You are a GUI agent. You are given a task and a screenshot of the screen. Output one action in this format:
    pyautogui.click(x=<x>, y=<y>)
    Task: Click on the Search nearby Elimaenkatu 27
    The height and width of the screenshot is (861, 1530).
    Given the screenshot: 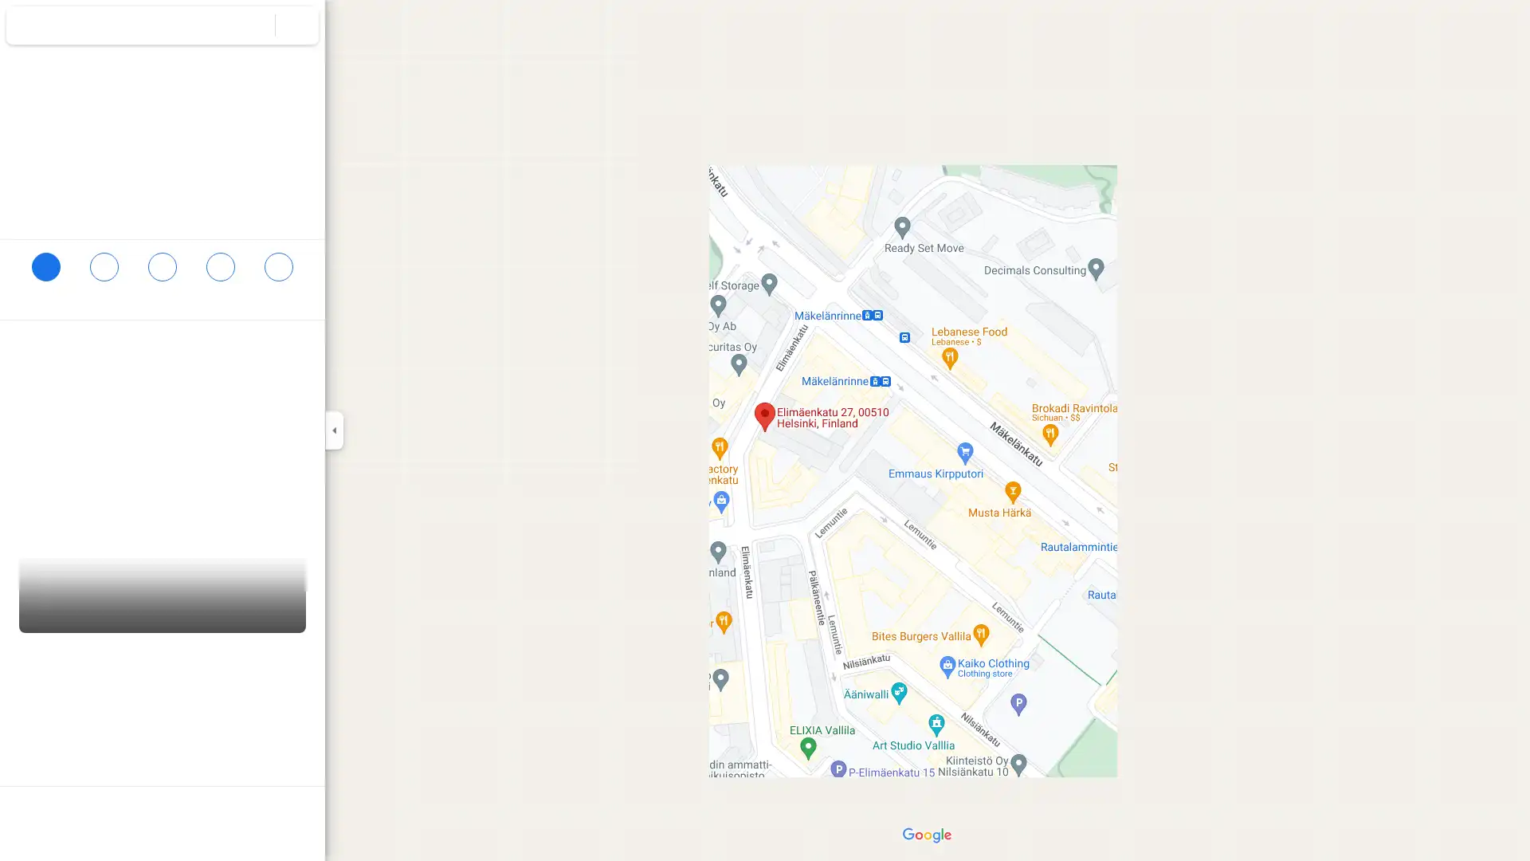 What is the action you would take?
    pyautogui.click(x=162, y=273)
    